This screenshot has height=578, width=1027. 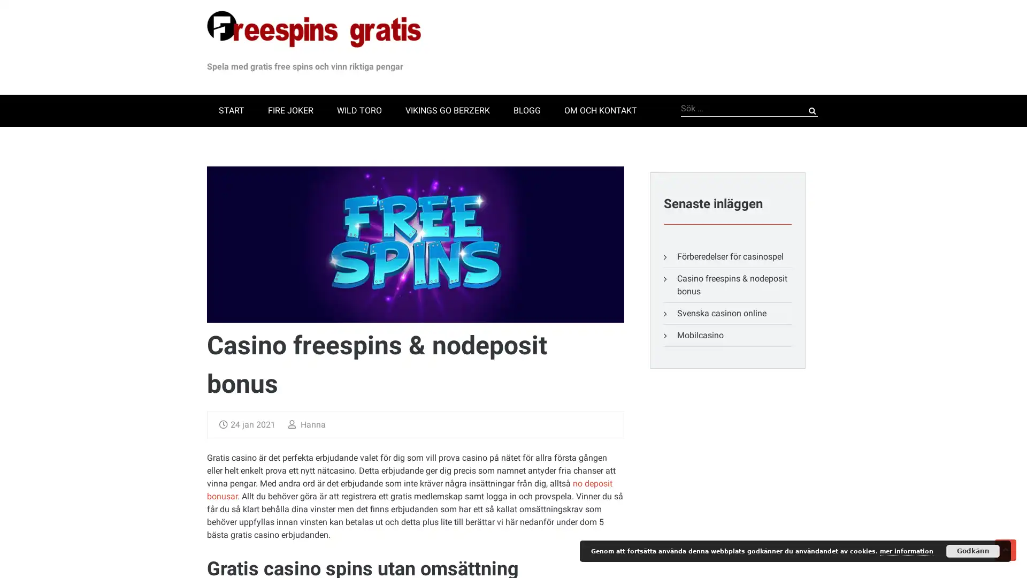 I want to click on Sok, so click(x=808, y=111).